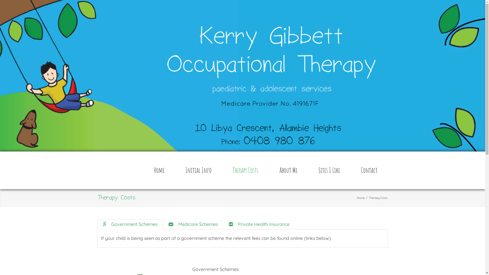 The width and height of the screenshot is (489, 275). What do you see at coordinates (245, 170) in the screenshot?
I see `'Therapy Costs'` at bounding box center [245, 170].